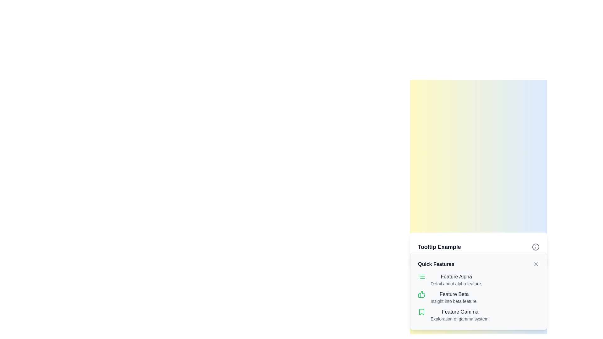  I want to click on descriptive text block located below the title 'Feature Beta' in the 'Quick Features' section to understand the information provided about the feature, so click(454, 301).